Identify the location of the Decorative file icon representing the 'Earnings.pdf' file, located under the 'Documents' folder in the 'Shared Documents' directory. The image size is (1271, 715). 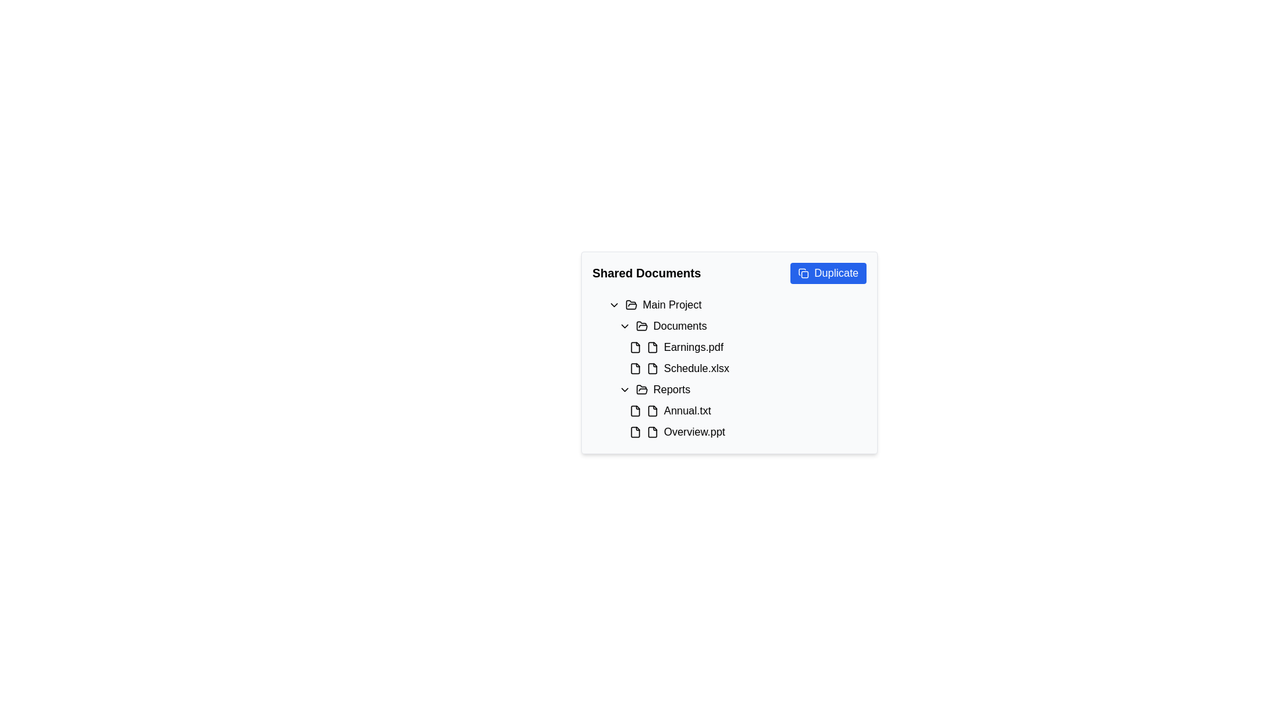
(635, 346).